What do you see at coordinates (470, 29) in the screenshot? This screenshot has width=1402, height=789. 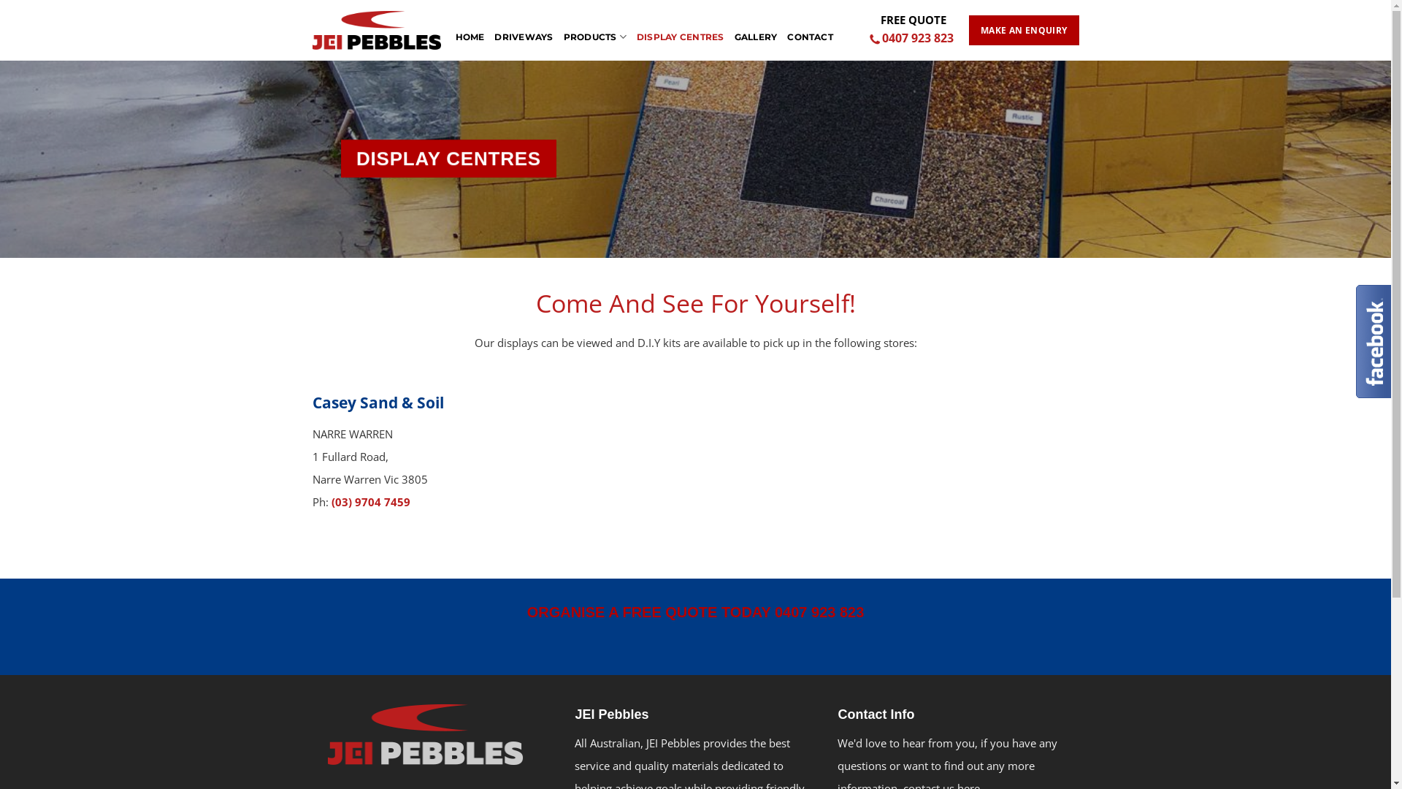 I see `'HOME'` at bounding box center [470, 29].